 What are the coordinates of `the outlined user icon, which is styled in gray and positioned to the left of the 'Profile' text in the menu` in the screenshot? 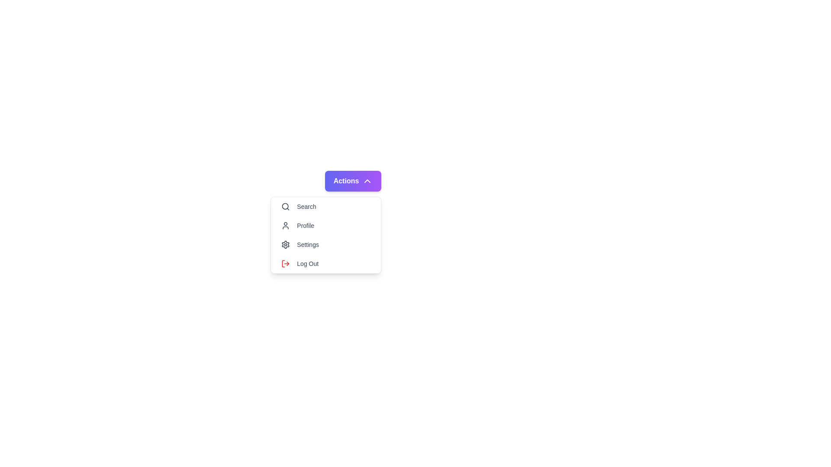 It's located at (286, 225).